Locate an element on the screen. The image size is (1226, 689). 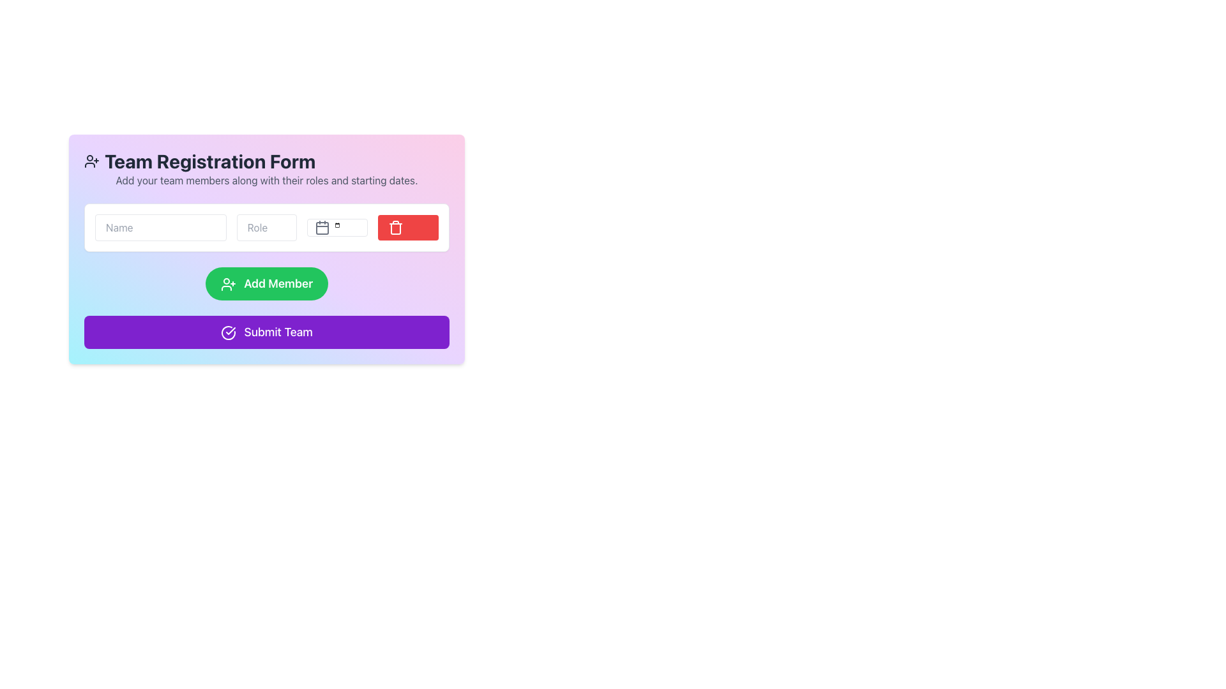
the confirmation icon located at the center of the purple 'Submit Team' button, which indicates a submit action is located at coordinates (229, 332).